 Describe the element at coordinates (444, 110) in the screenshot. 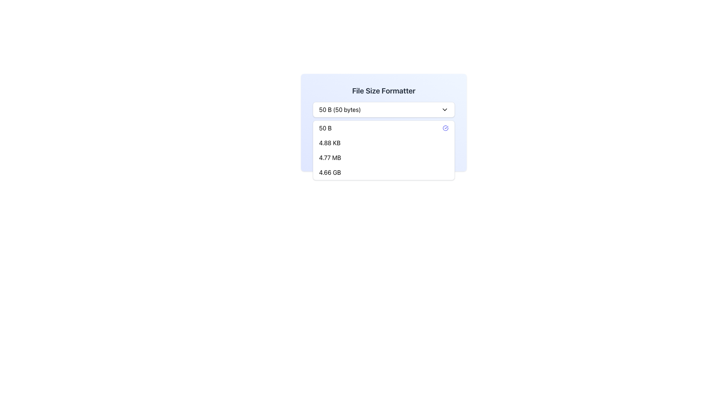

I see `the downward-pointing chevron icon located to the right of the text '50 B (50 bytes)'` at that location.